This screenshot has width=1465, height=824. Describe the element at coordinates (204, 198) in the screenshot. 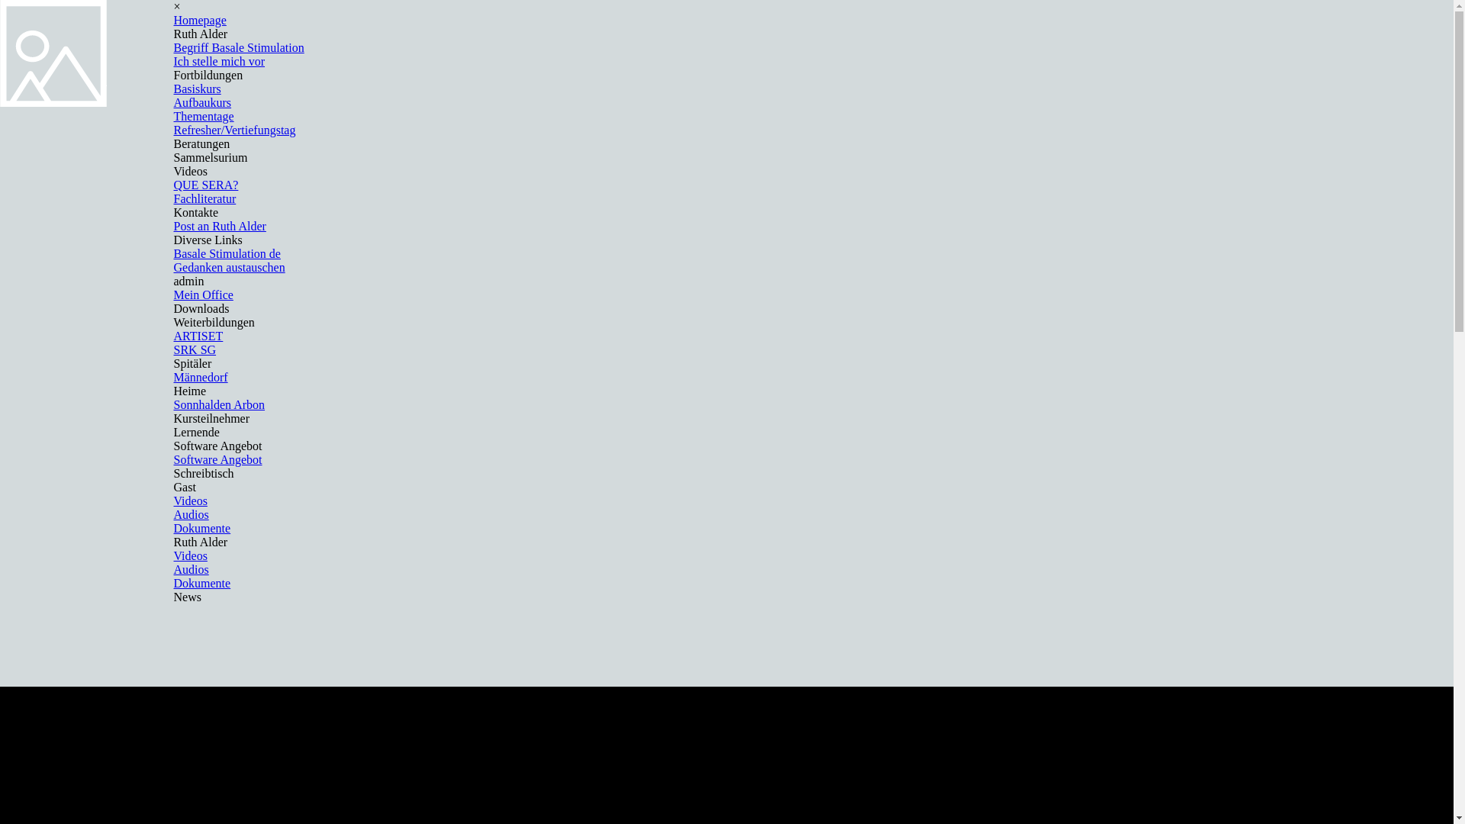

I see `'Fachliteratur'` at that location.